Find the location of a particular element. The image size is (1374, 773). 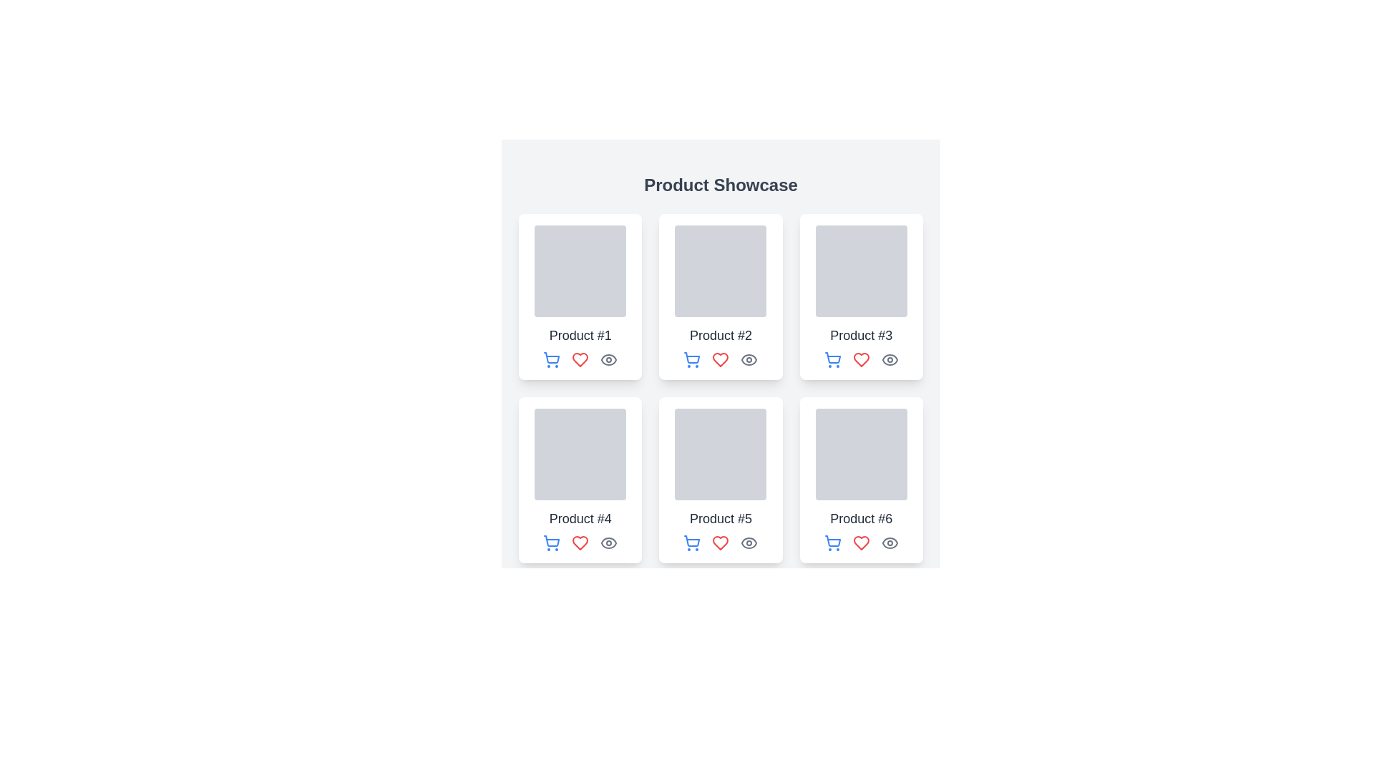

the static label for 'Product #2', which serves as an identifier in the product grid layout is located at coordinates (721, 336).